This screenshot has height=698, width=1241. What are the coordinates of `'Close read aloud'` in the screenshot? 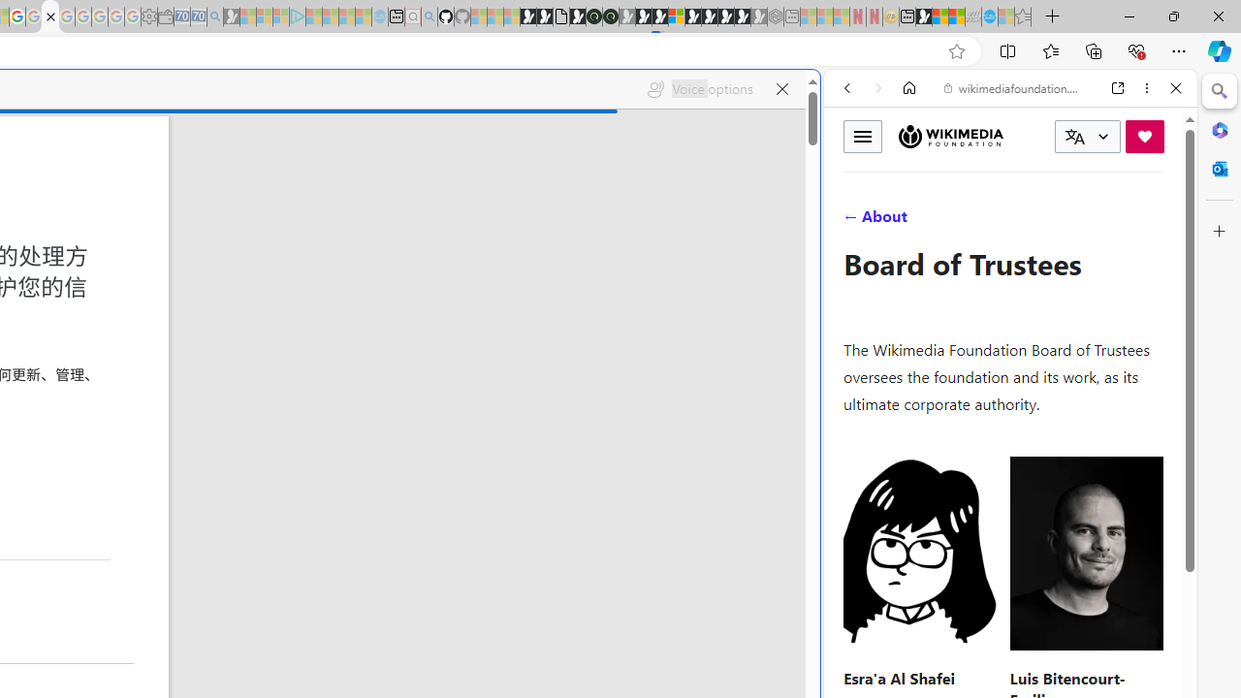 It's located at (781, 89).